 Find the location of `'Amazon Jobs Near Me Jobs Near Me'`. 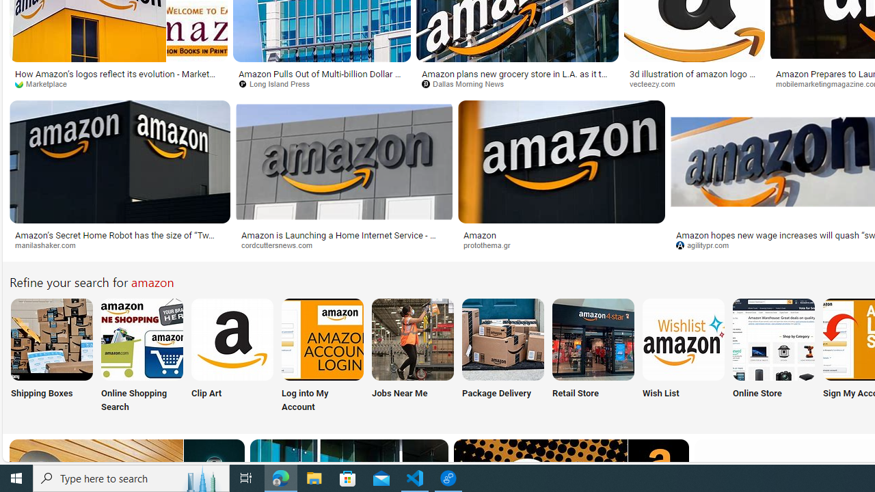

'Amazon Jobs Near Me Jobs Near Me' is located at coordinates (412, 356).